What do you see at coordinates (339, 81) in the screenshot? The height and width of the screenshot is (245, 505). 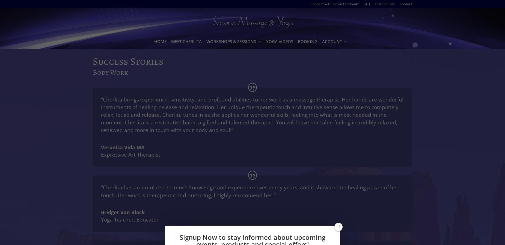 I see `'Checkout'` at bounding box center [339, 81].